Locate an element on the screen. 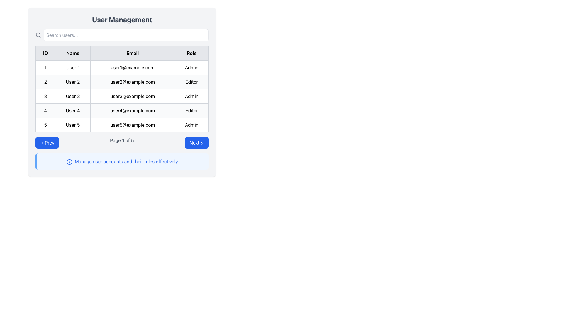  the text label that states 'Manage user accounts and their roles effectively.' which is styled in blue color and located within a light blue background area is located at coordinates (126, 161).